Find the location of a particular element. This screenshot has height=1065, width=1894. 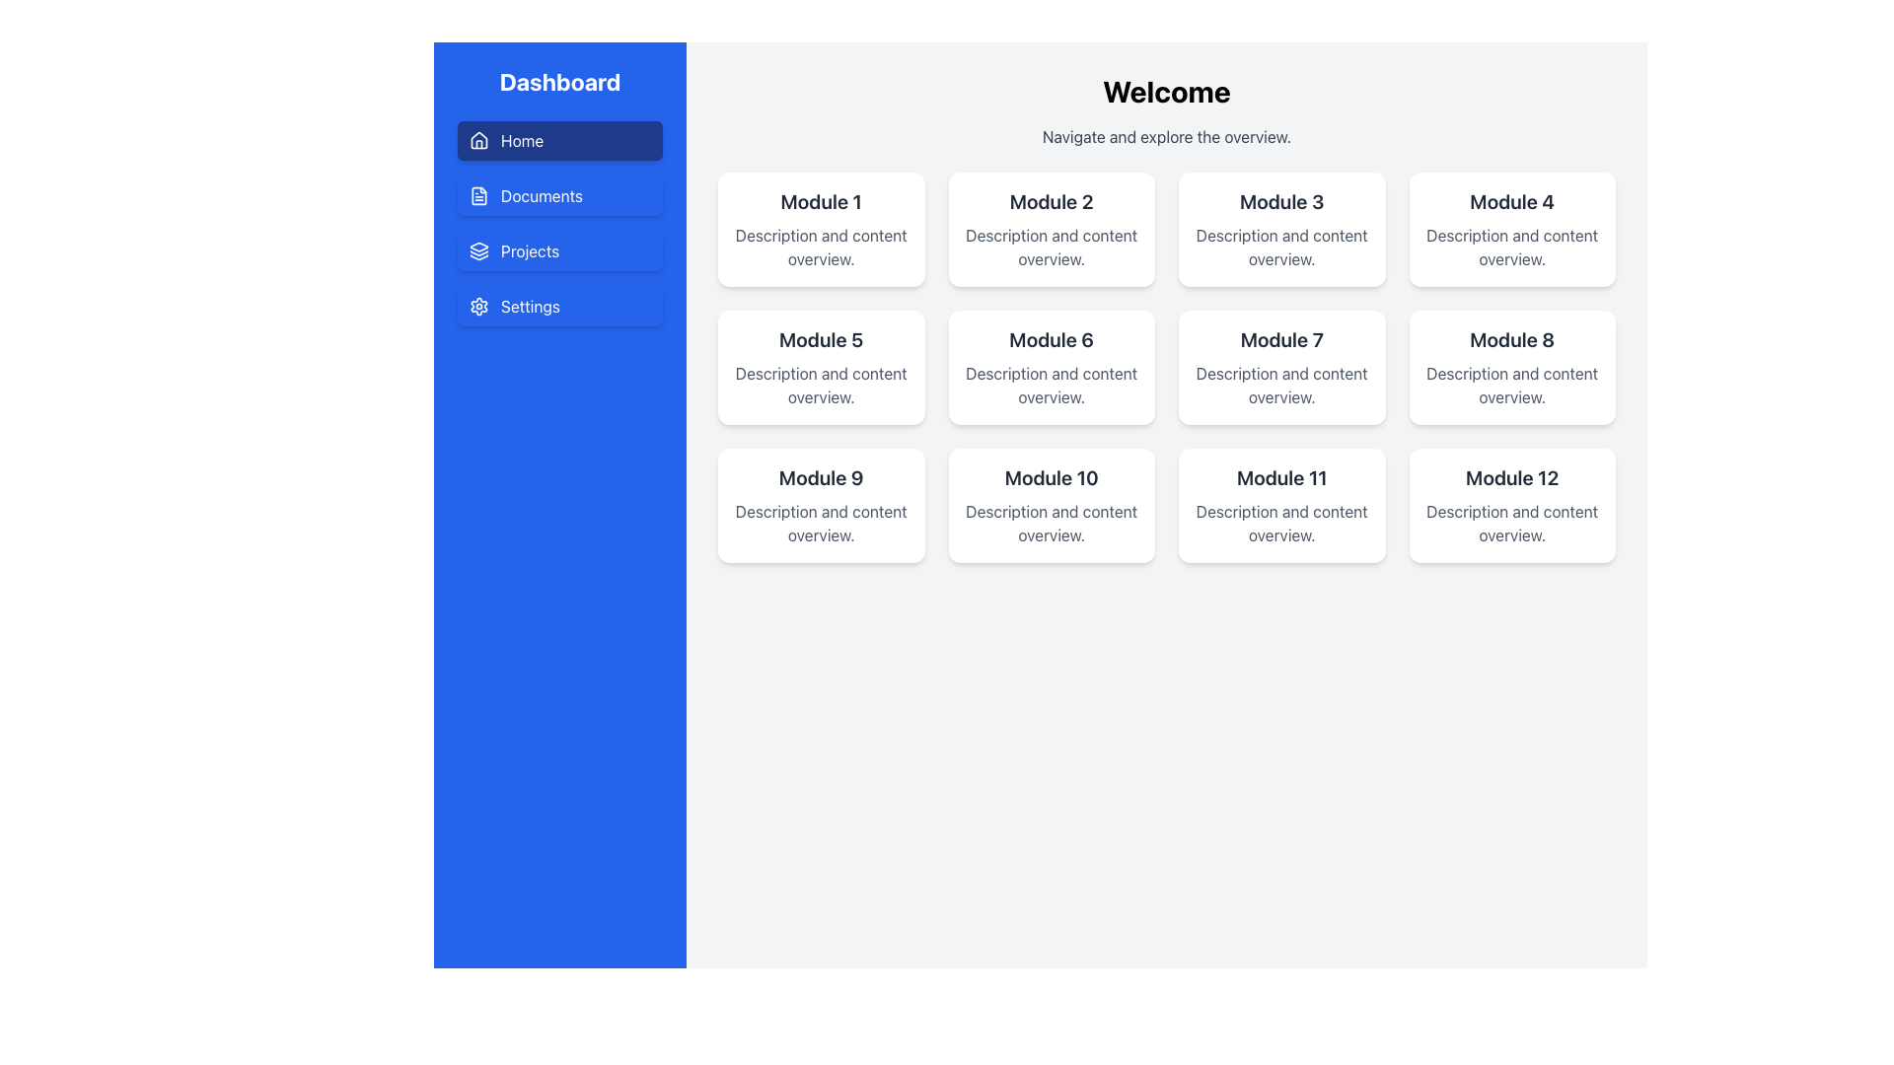

text from the Card component displaying information about 'Module 11', which is located in the grid of modules on the third row and third column is located at coordinates (1281, 505).